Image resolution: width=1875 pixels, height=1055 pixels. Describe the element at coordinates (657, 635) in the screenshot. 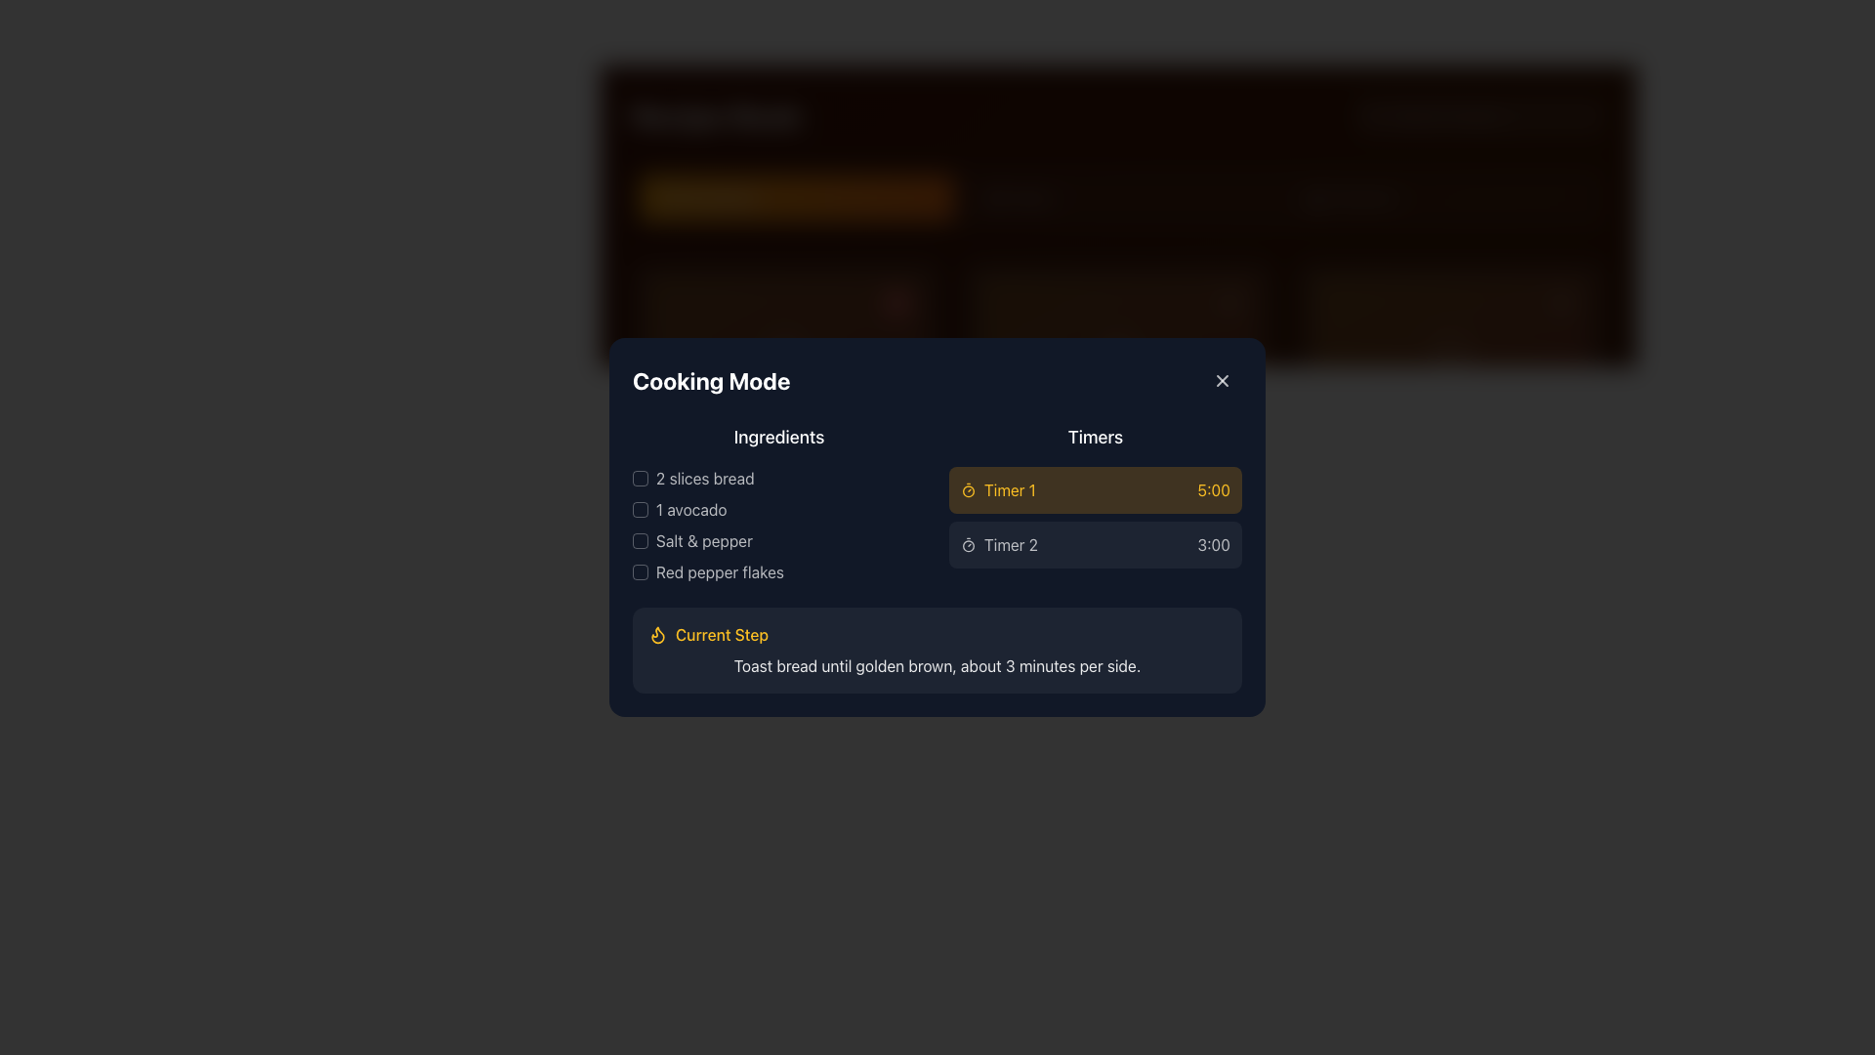

I see `the icon located in the 'Current Step' section of the 'Cooking Mode' modal` at that location.